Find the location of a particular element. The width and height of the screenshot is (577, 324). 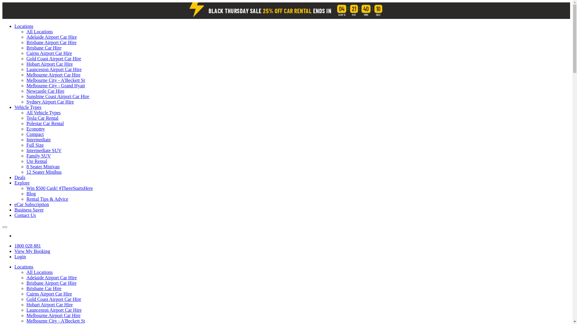

'Ute Rental' is located at coordinates (36, 161).